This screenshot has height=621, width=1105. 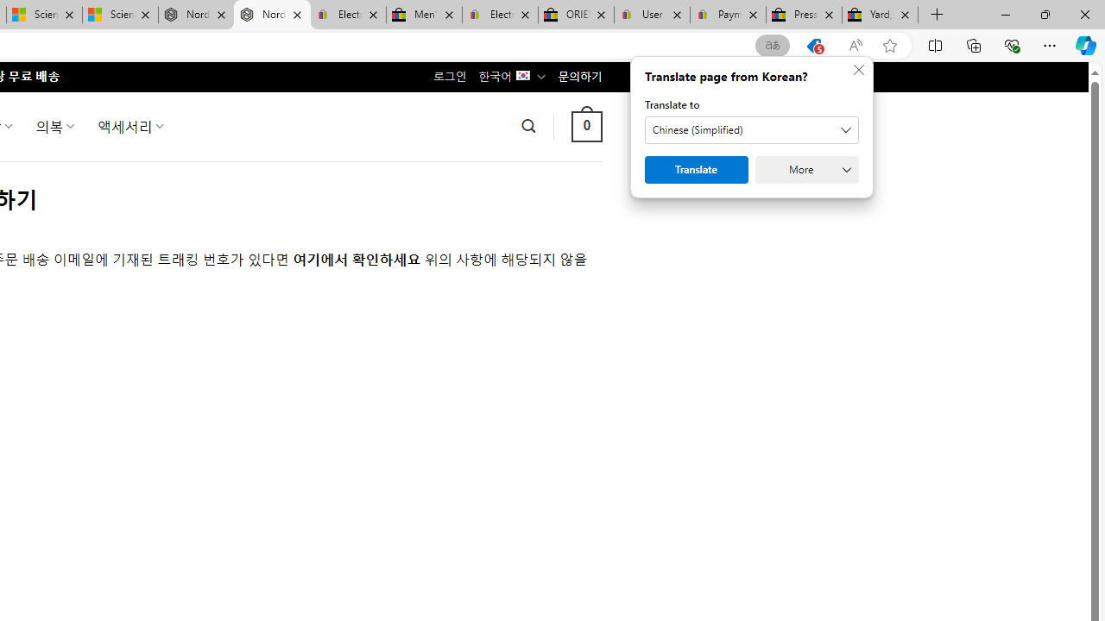 What do you see at coordinates (697, 169) in the screenshot?
I see `'Translate'` at bounding box center [697, 169].